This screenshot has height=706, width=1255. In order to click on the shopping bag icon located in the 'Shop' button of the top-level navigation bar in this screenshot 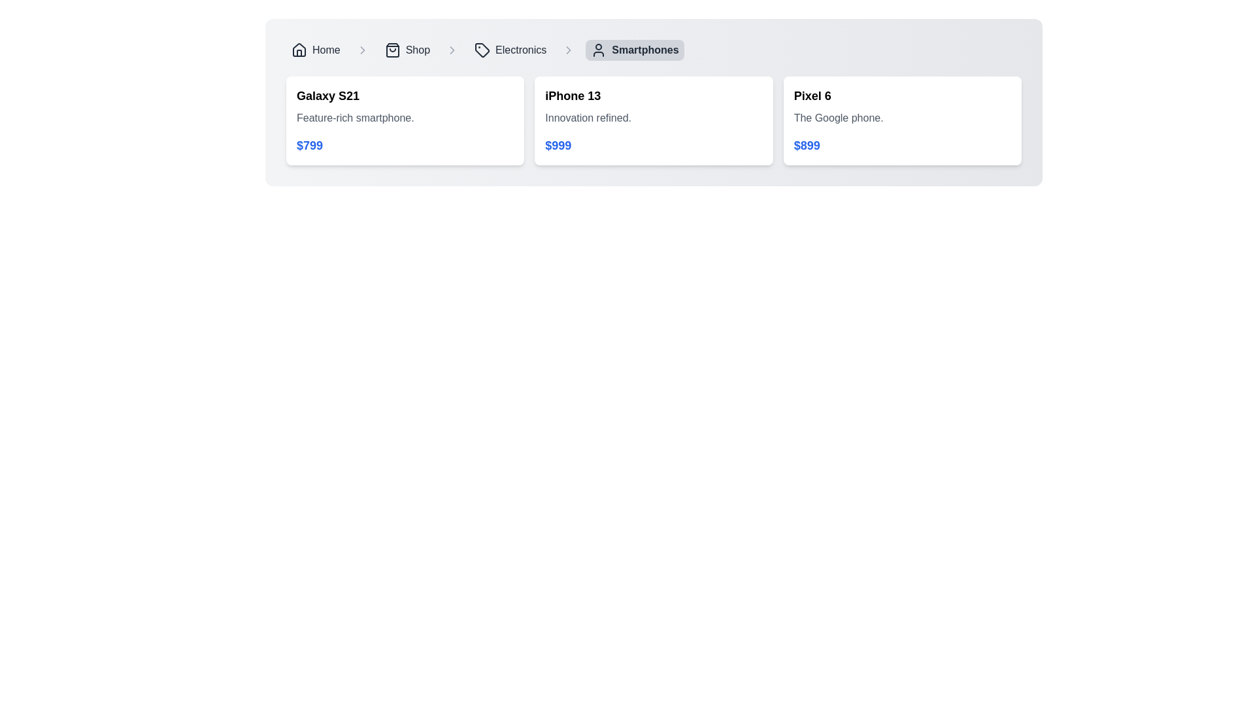, I will do `click(392, 50)`.